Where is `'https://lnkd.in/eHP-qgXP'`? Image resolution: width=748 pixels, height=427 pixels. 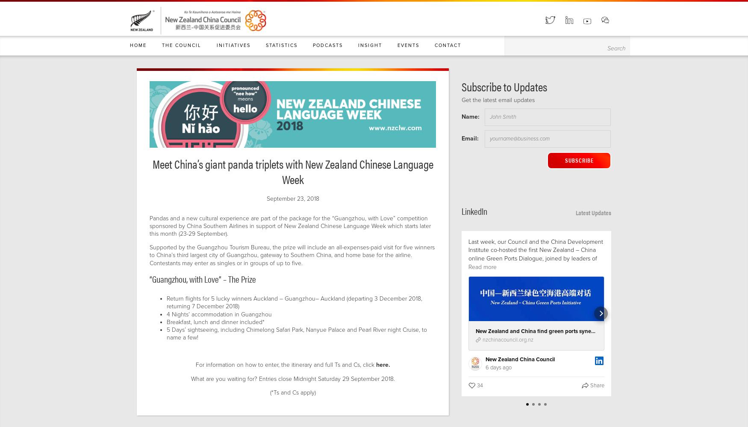
'https://lnkd.in/eHP-qgXP' is located at coordinates (513, 292).